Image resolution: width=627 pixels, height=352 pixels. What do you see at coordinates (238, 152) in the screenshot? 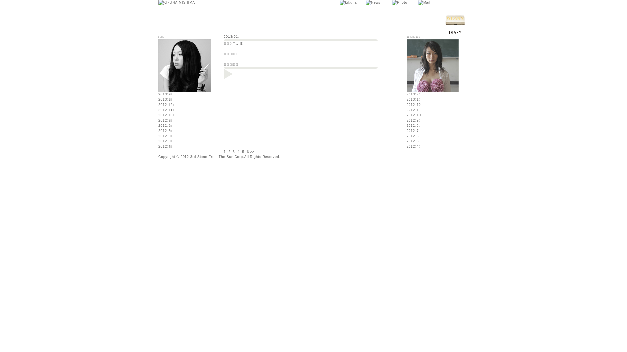
I see `'4'` at bounding box center [238, 152].